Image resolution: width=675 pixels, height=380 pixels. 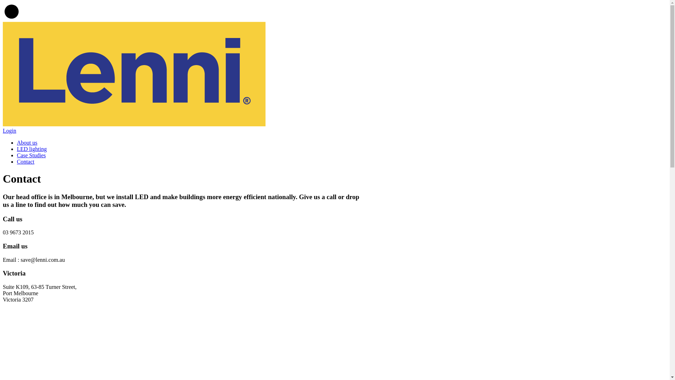 What do you see at coordinates (31, 148) in the screenshot?
I see `'LED lighting'` at bounding box center [31, 148].